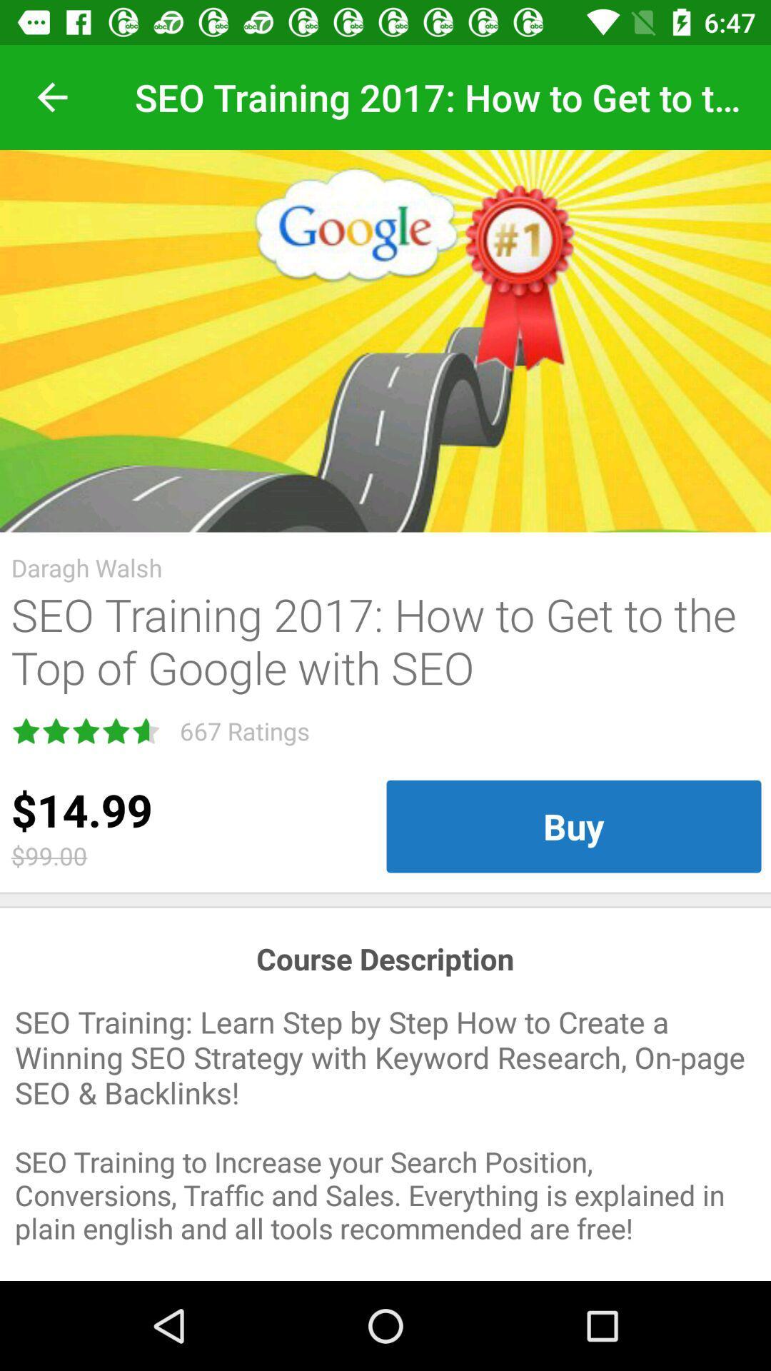 The image size is (771, 1371). What do you see at coordinates (573, 826) in the screenshot?
I see `icon on the right` at bounding box center [573, 826].